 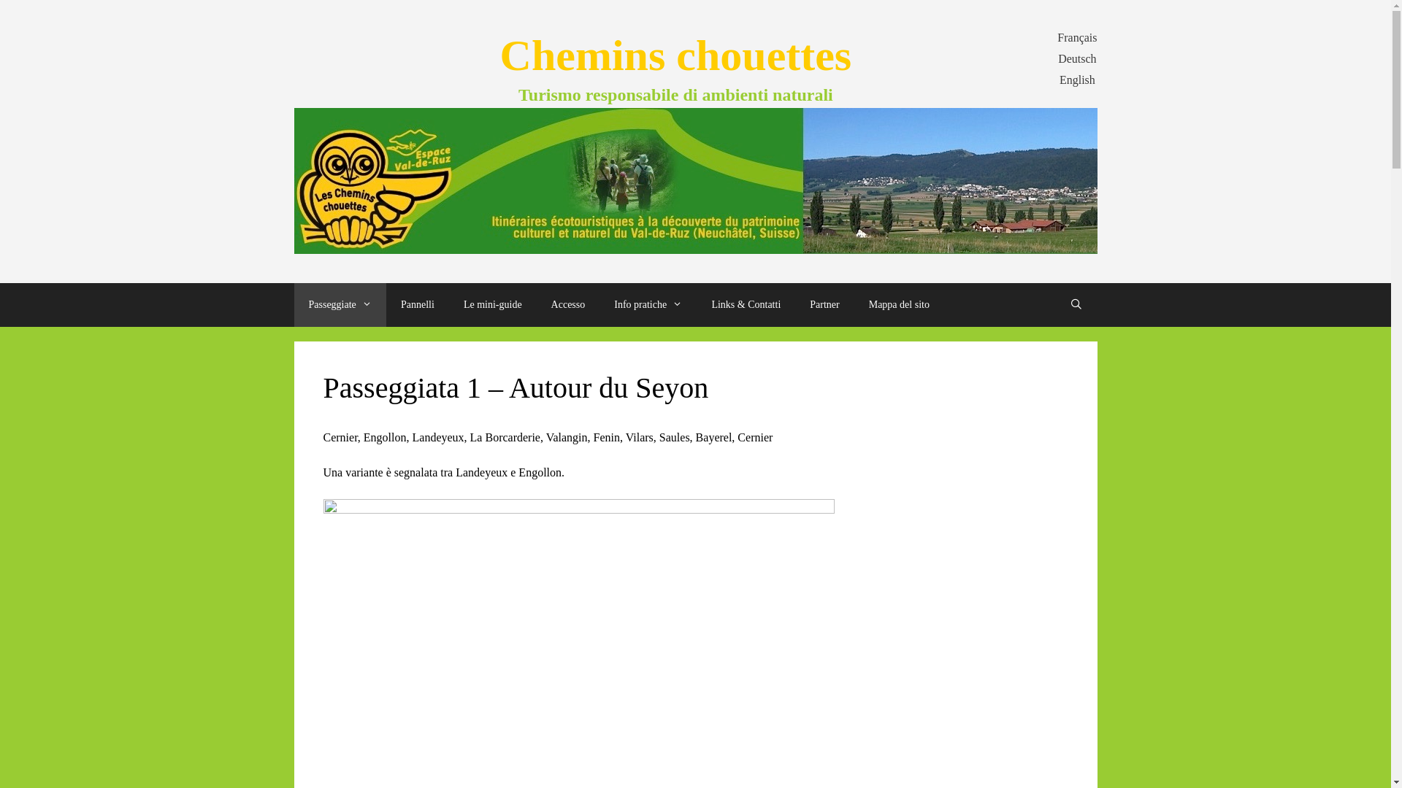 I want to click on 'Passeggiate', so click(x=339, y=304).